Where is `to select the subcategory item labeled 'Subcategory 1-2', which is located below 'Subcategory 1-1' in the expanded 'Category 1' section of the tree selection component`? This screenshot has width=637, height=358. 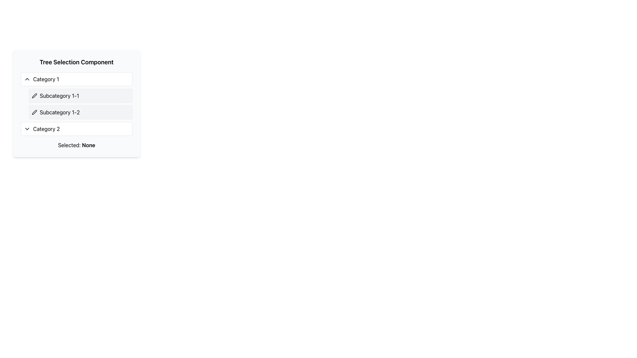
to select the subcategory item labeled 'Subcategory 1-2', which is located below 'Subcategory 1-1' in the expanded 'Category 1' section of the tree selection component is located at coordinates (80, 112).